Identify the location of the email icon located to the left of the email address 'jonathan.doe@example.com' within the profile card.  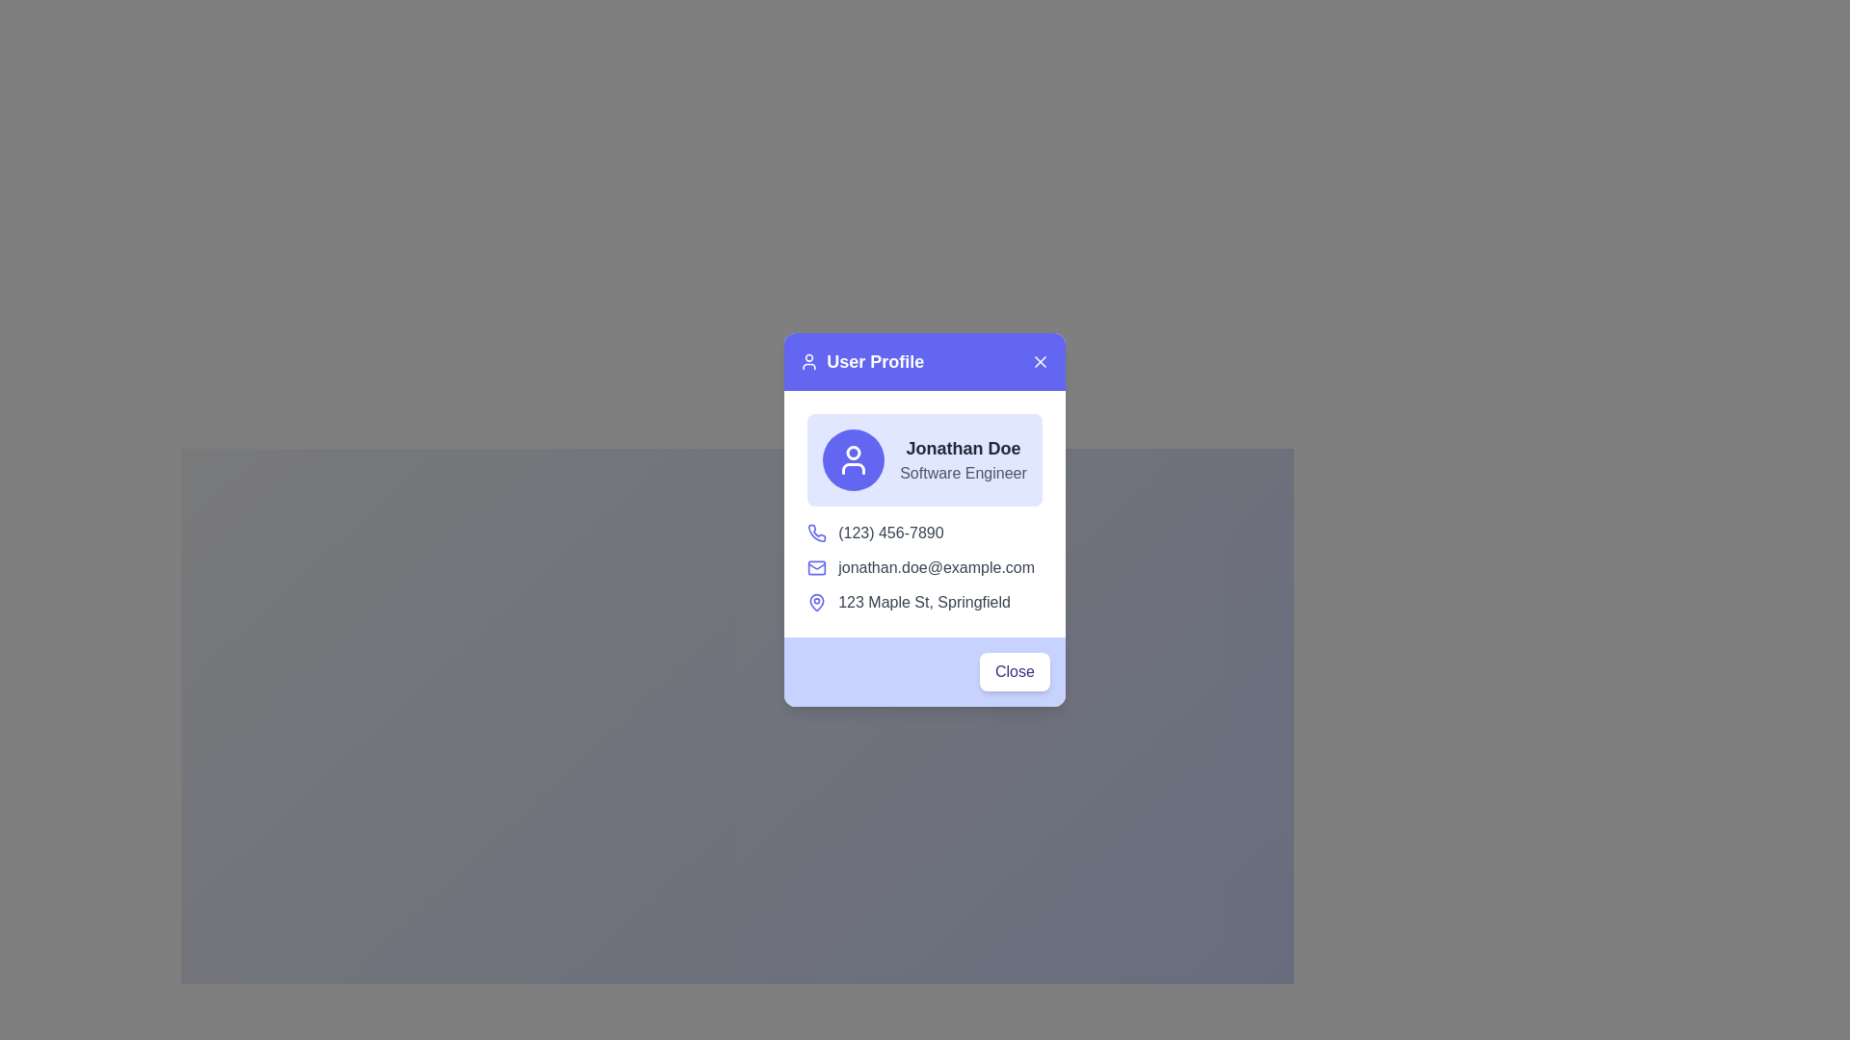
(817, 567).